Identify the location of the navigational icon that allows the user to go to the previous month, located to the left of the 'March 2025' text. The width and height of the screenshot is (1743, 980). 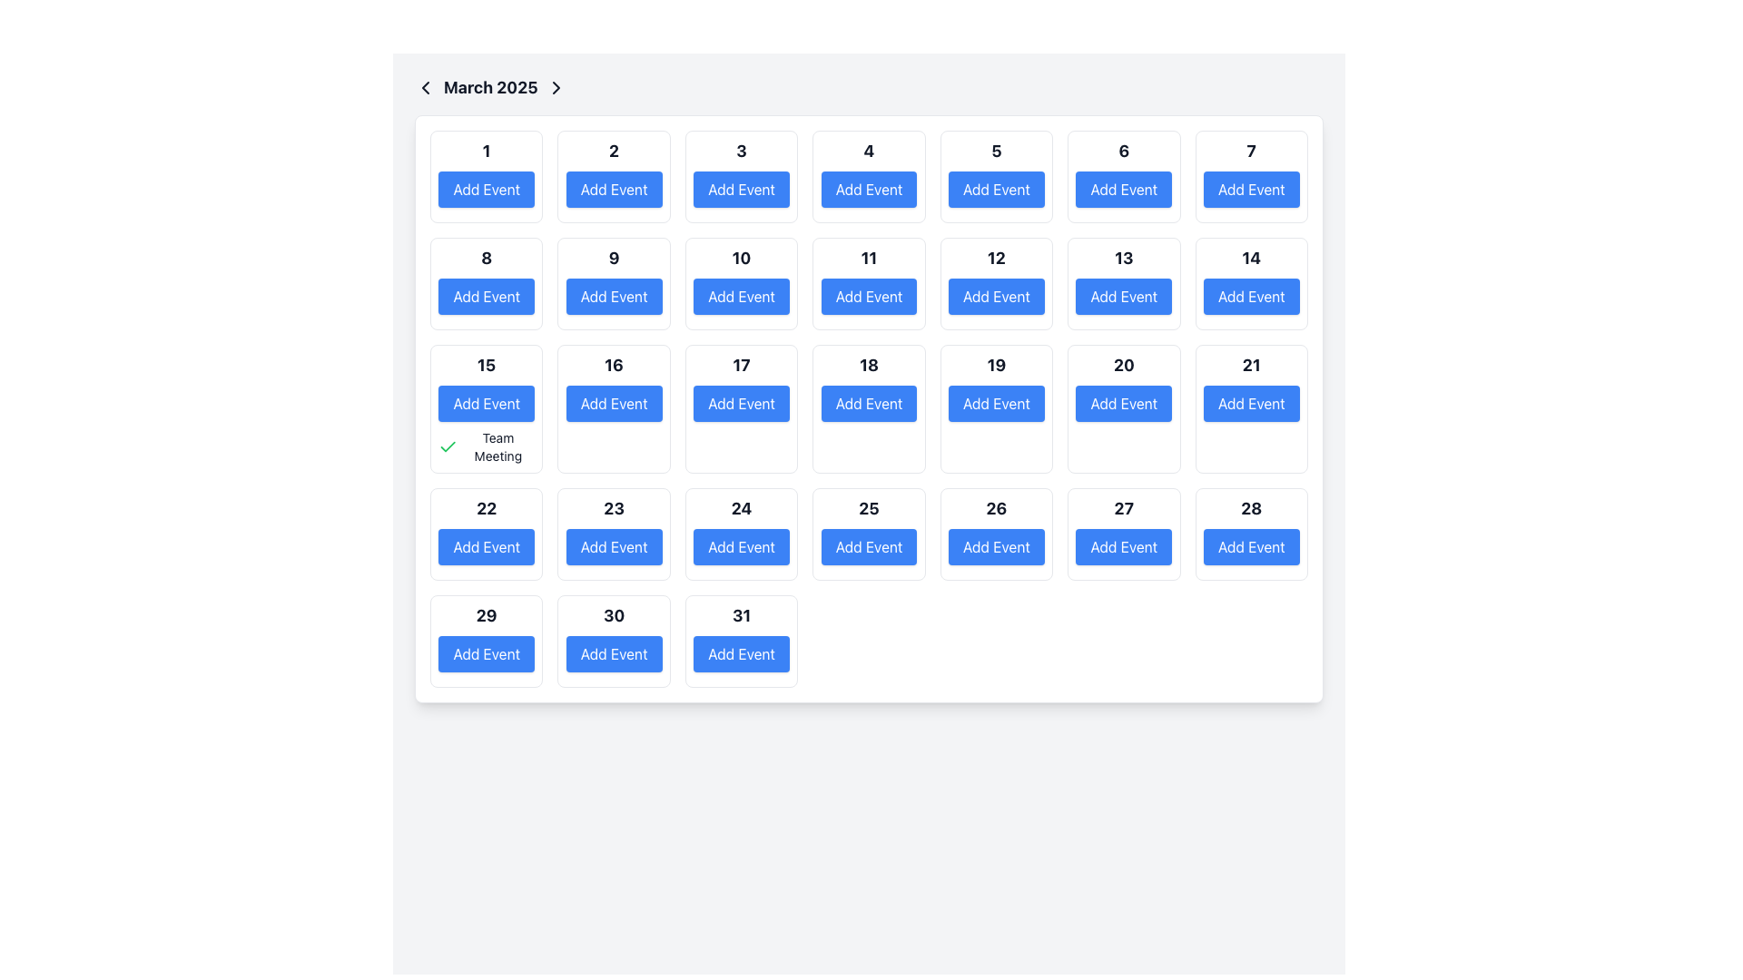
(425, 87).